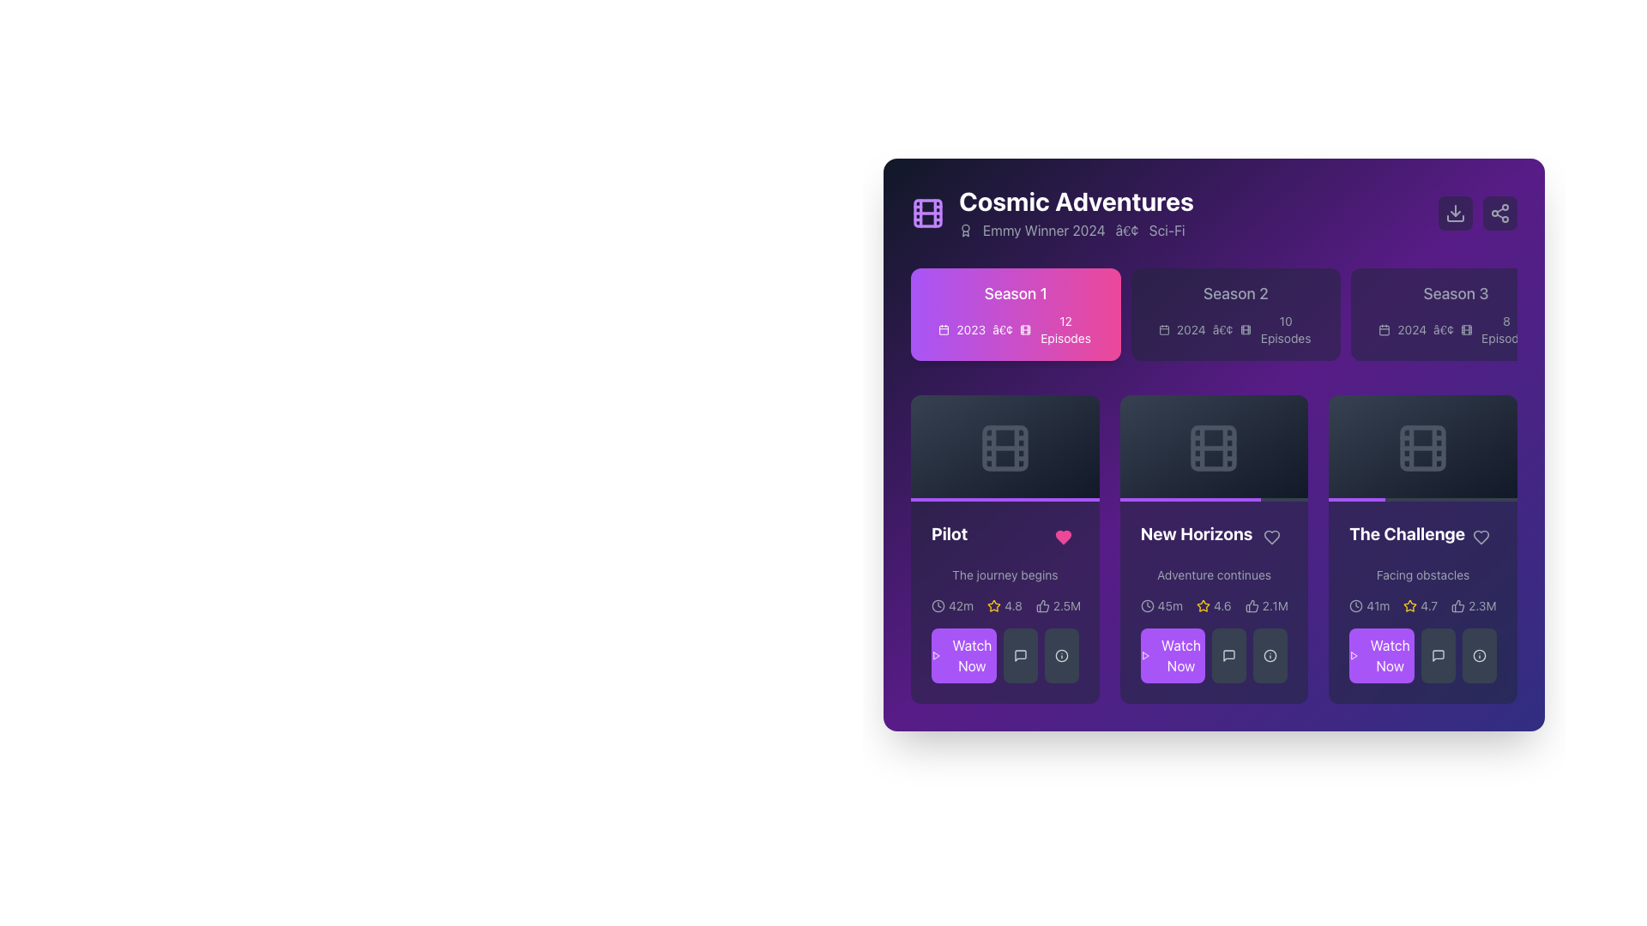 The width and height of the screenshot is (1647, 926). Describe the element at coordinates (1147, 604) in the screenshot. I see `the SVG circle element that represents the clock icon in the top-left corner of the 'Season 1' interface card` at that location.